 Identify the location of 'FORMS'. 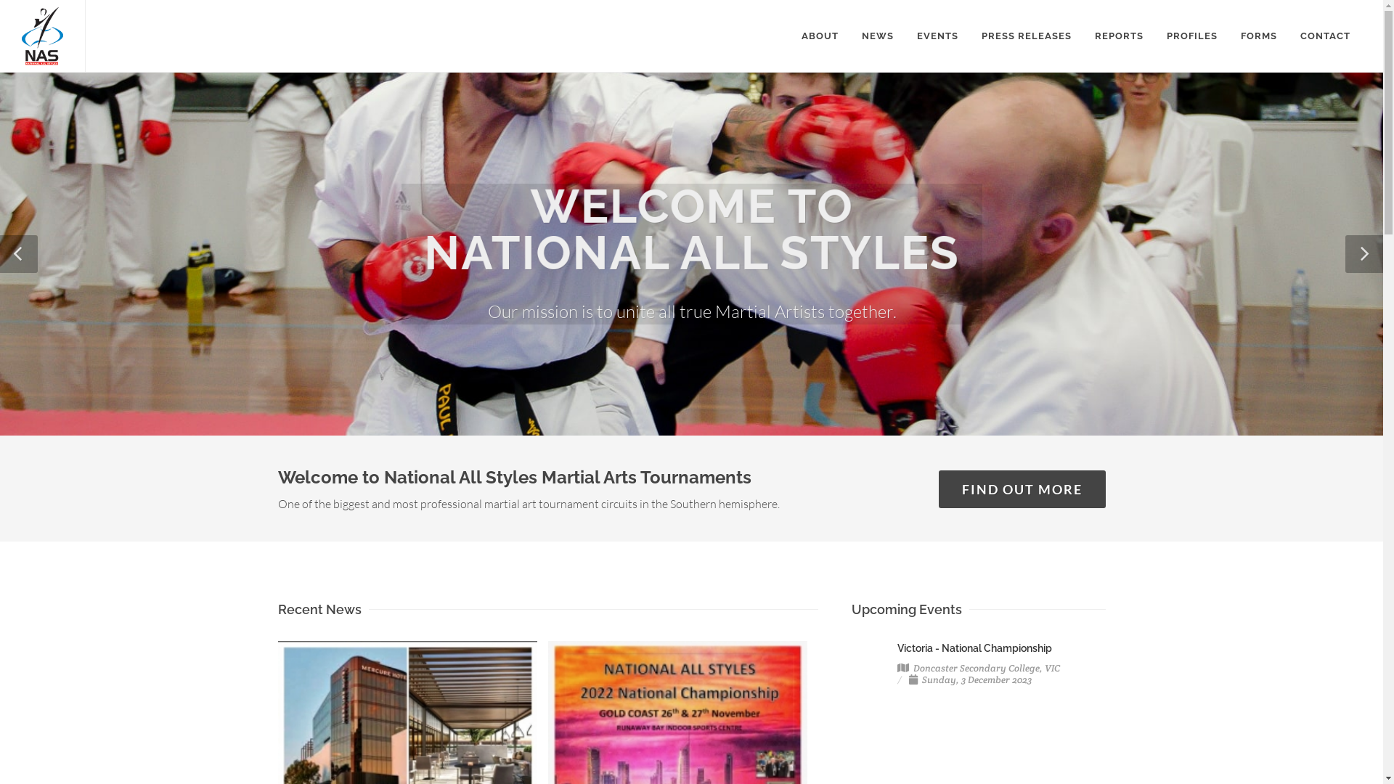
(1229, 36).